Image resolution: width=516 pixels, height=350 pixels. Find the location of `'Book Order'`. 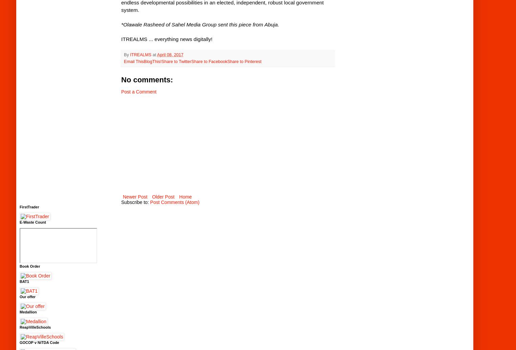

'Book Order' is located at coordinates (29, 266).